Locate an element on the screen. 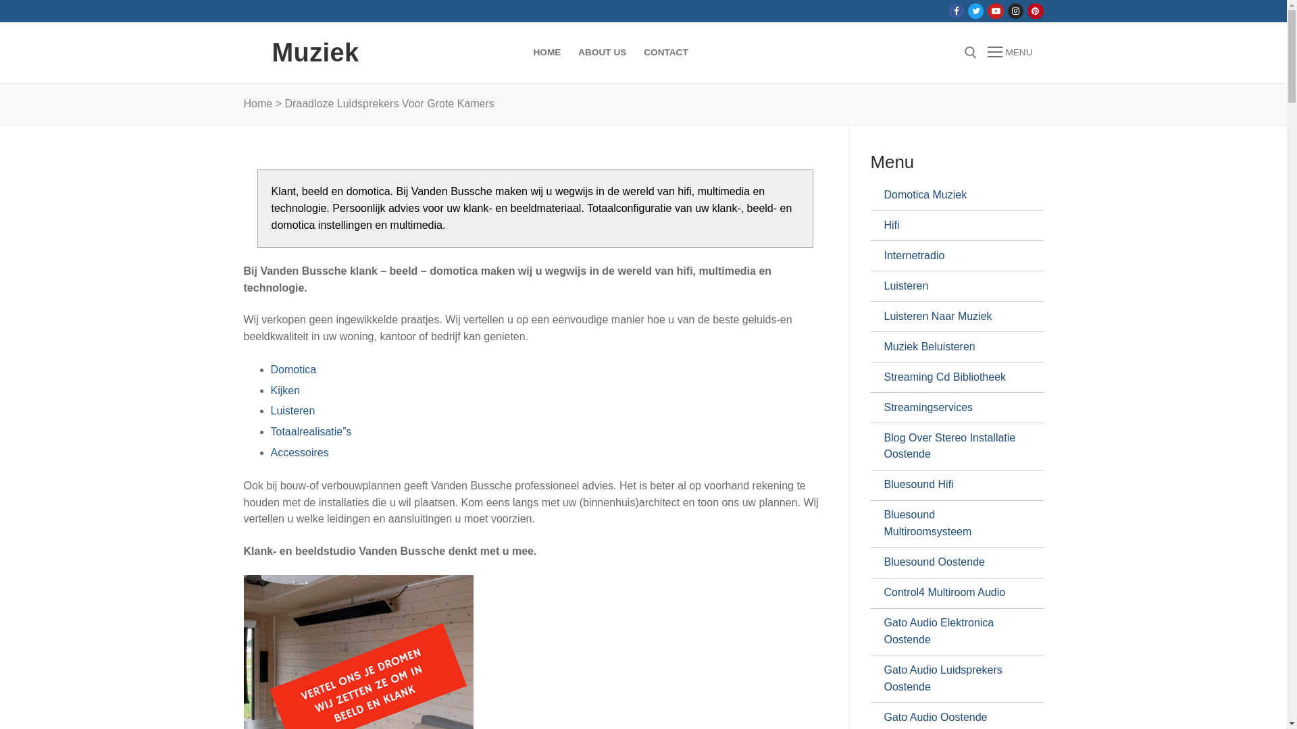 This screenshot has height=729, width=1297. 'Gato Audio Luidsprekers Oostende' is located at coordinates (950, 678).